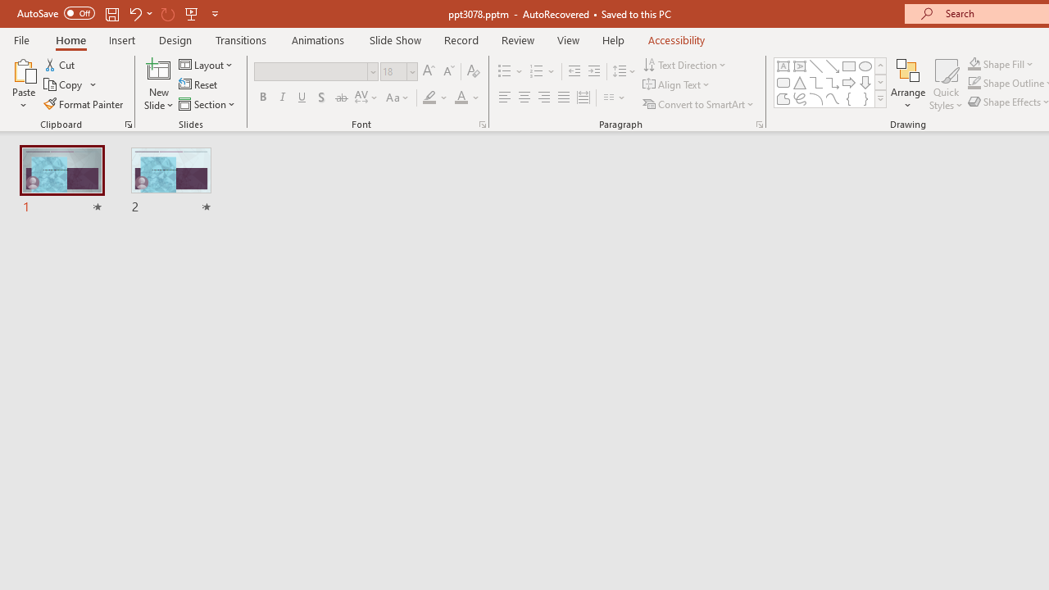 Image resolution: width=1049 pixels, height=590 pixels. What do you see at coordinates (974, 63) in the screenshot?
I see `'Shape Fill Dark Green, Accent 2'` at bounding box center [974, 63].